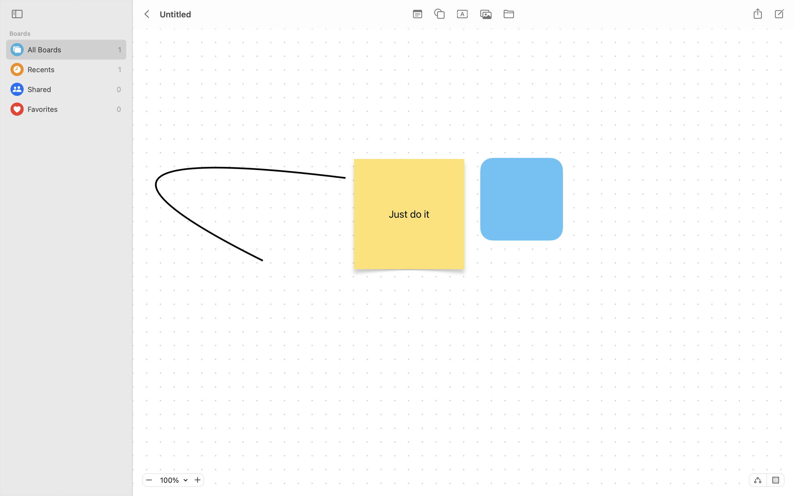 The width and height of the screenshot is (794, 496). Describe the element at coordinates (70, 109) in the screenshot. I see `'Favorites'` at that location.